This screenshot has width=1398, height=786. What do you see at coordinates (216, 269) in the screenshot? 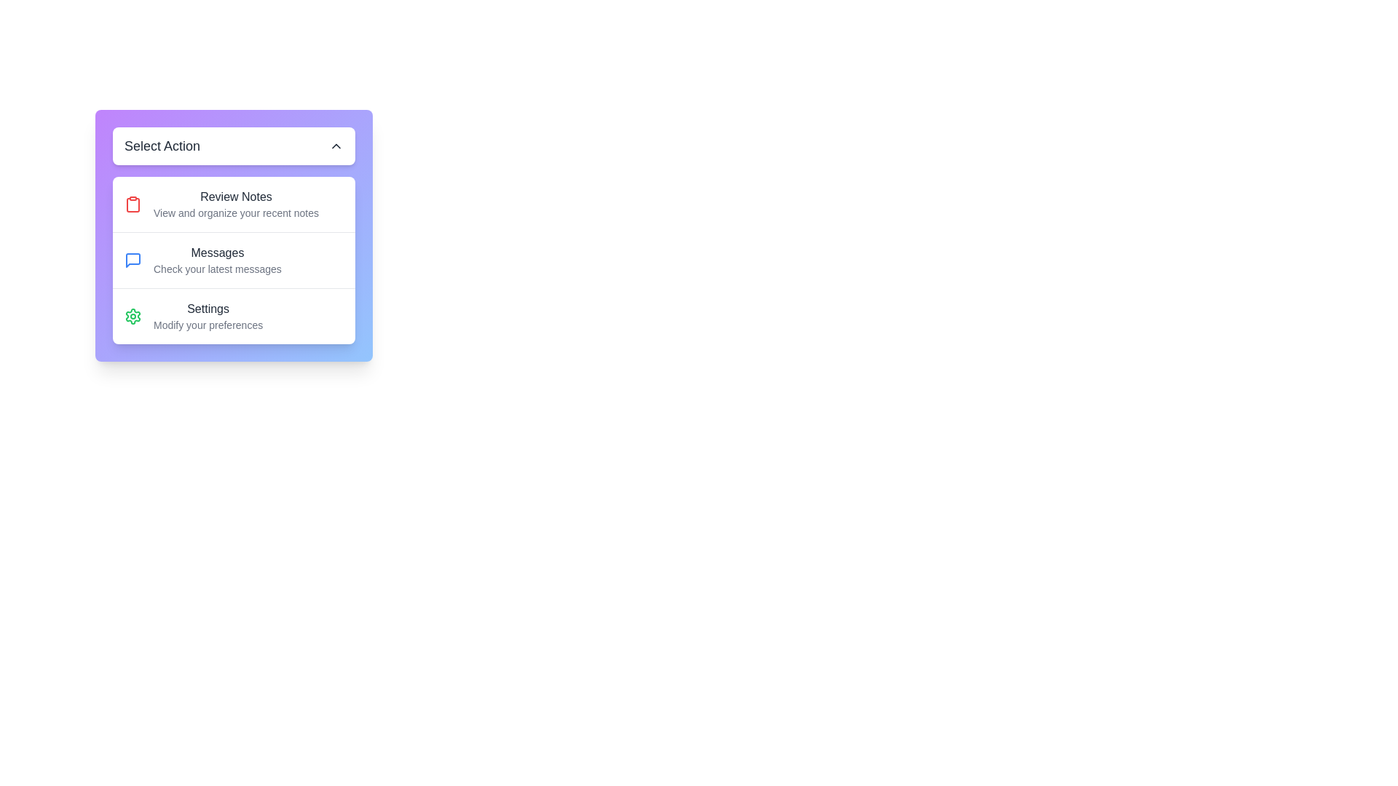
I see `the descriptive text label that provides contextual information about the 'Messages' menu item, located directly beneath the heading text 'Messages' within the 'Select Action' menu panel` at bounding box center [216, 269].